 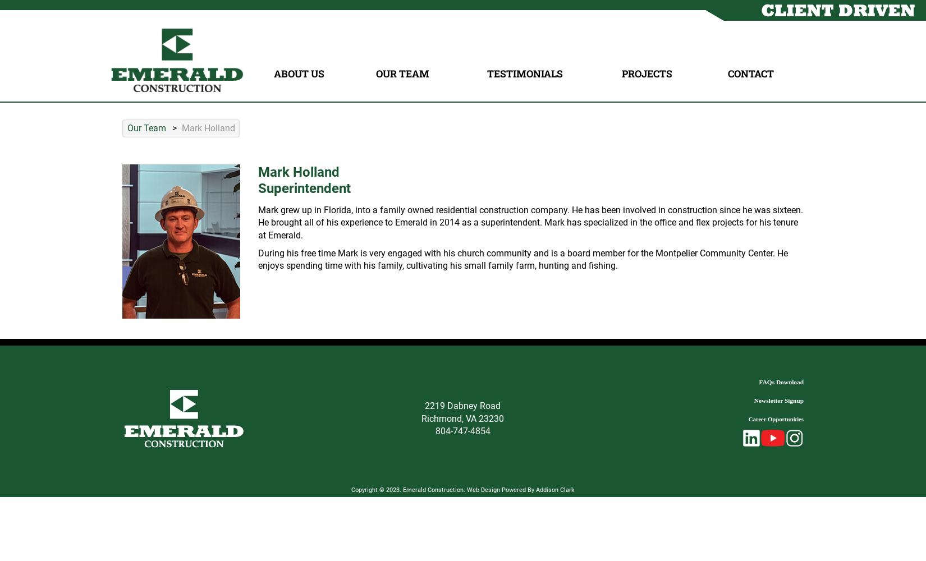 What do you see at coordinates (775, 419) in the screenshot?
I see `'Career Opportunities'` at bounding box center [775, 419].